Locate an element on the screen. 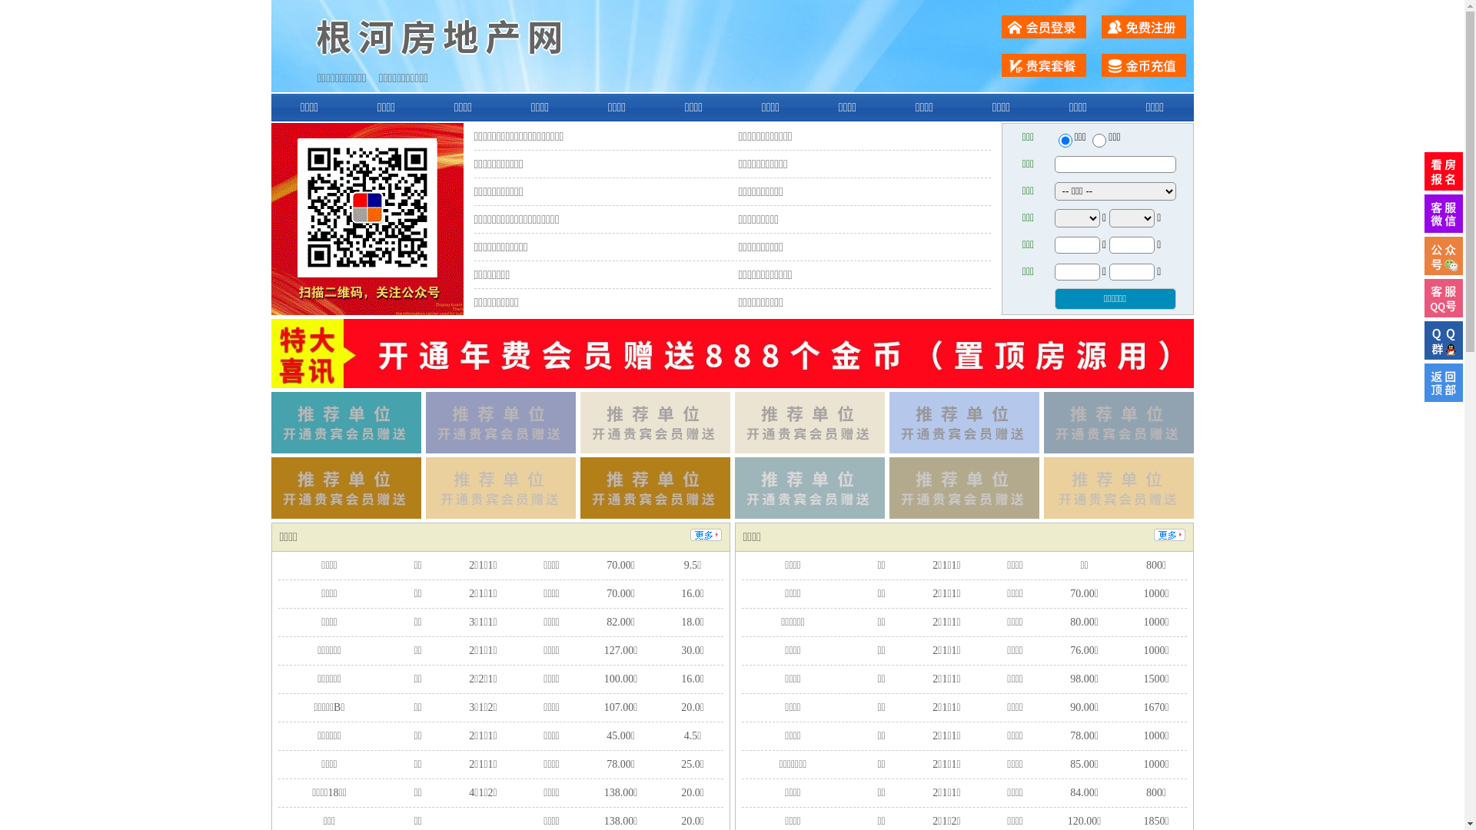 The image size is (1476, 830). 'chuzu' is located at coordinates (1099, 140).